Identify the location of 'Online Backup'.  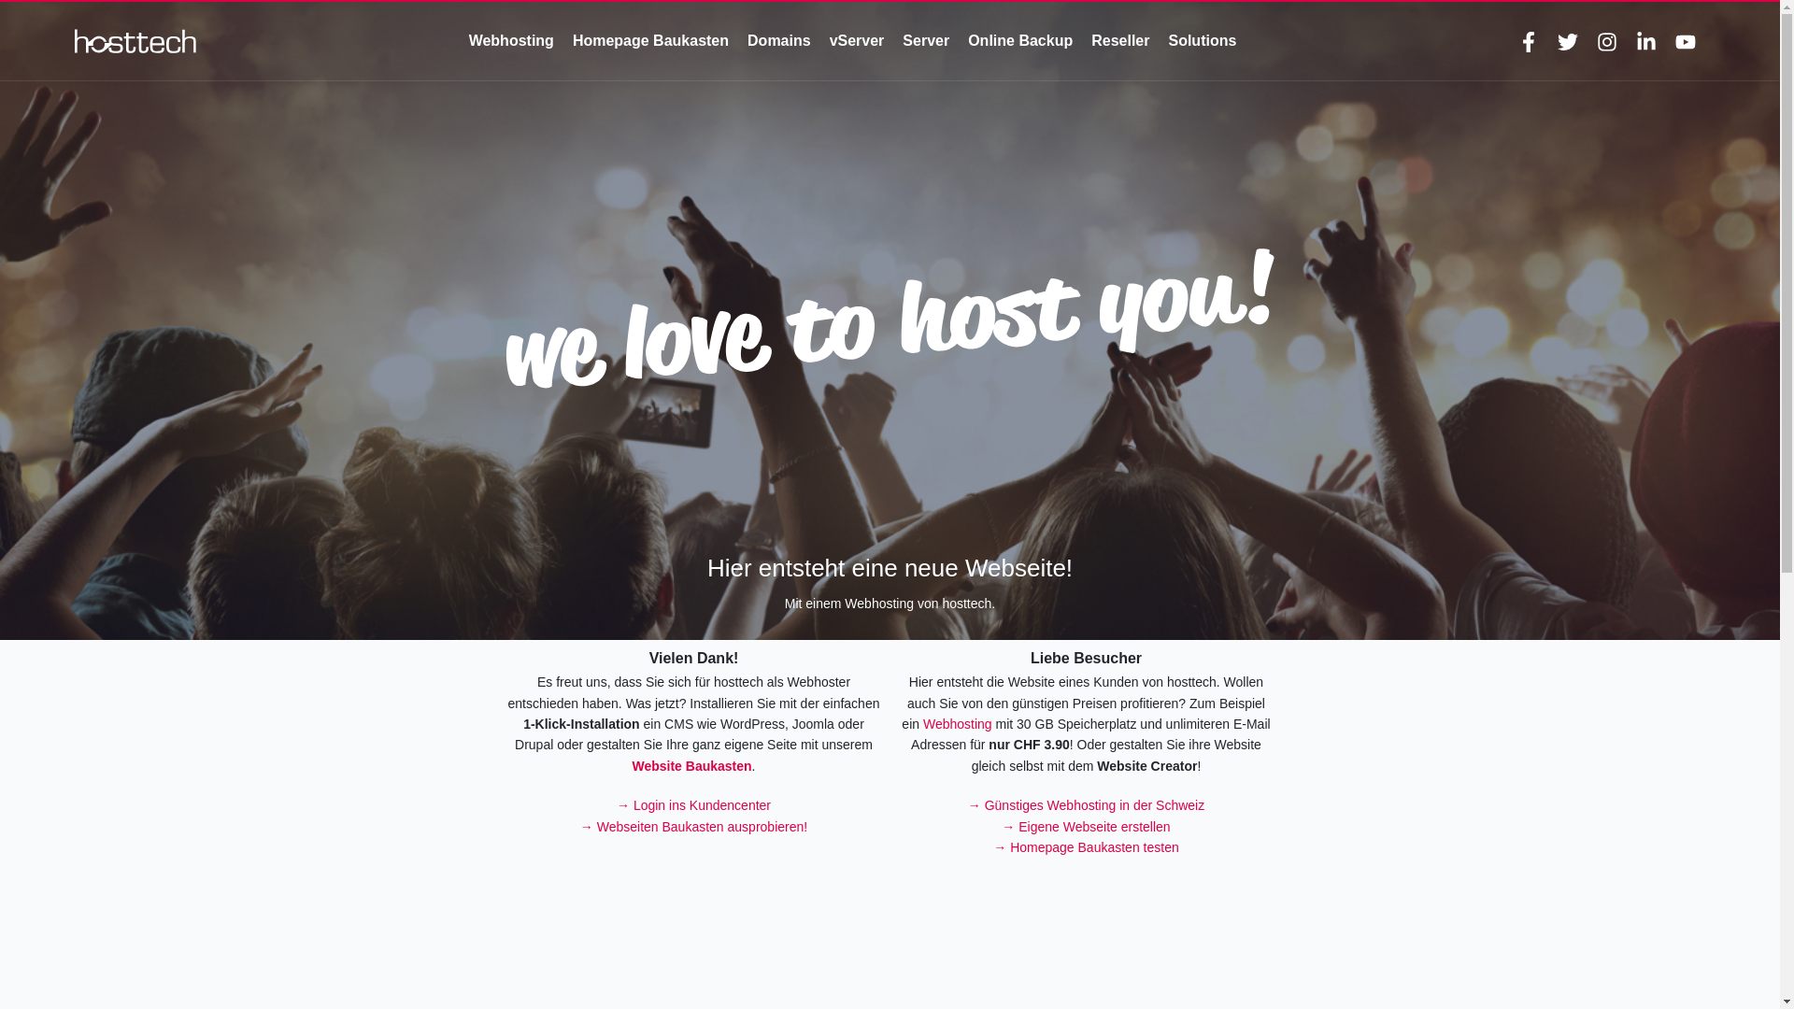
(1018, 40).